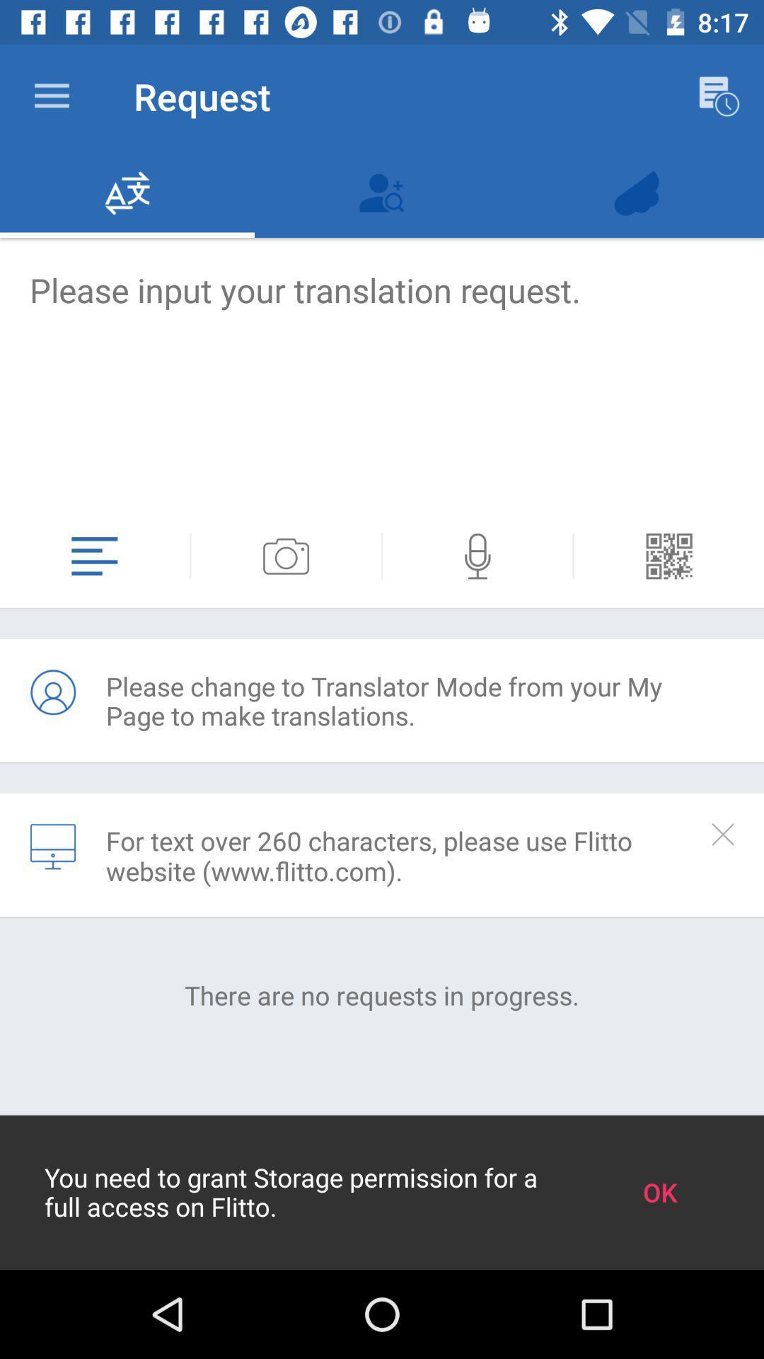 This screenshot has width=764, height=1359. What do you see at coordinates (668, 556) in the screenshot?
I see `the icon above the please change to item` at bounding box center [668, 556].